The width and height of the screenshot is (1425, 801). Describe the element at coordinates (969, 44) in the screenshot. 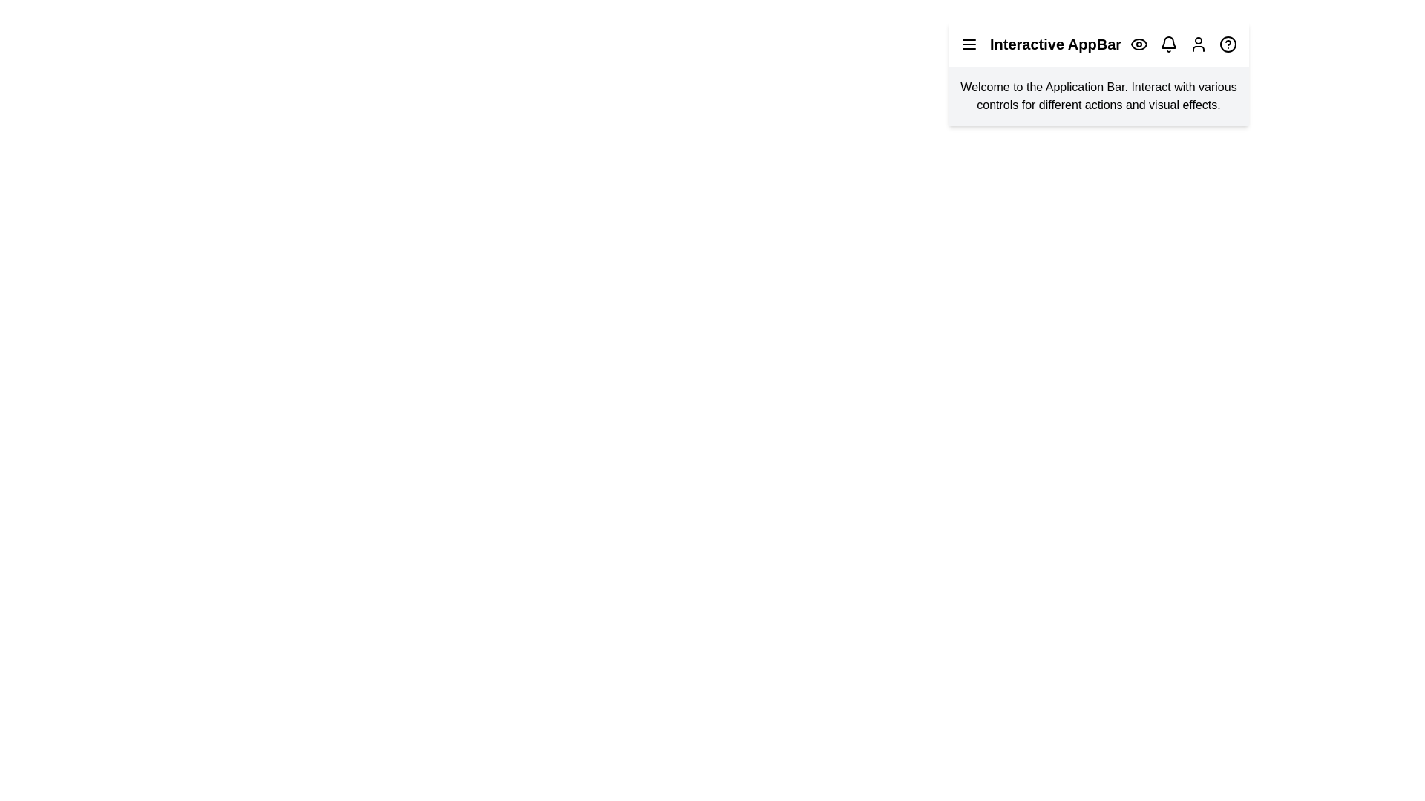

I see `the menu button to toggle the menu` at that location.